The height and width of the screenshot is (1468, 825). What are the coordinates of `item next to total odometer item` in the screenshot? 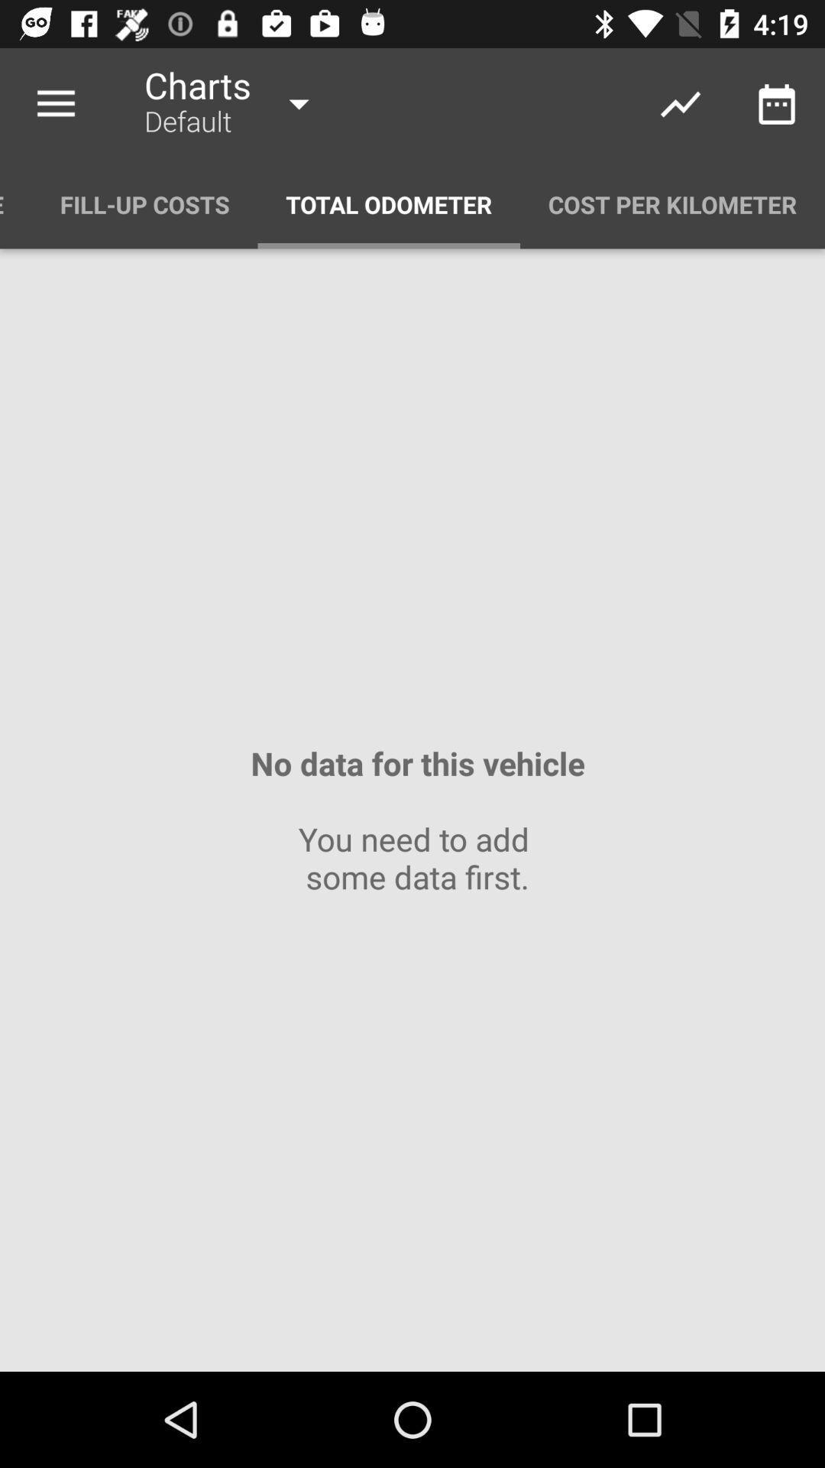 It's located at (671, 203).